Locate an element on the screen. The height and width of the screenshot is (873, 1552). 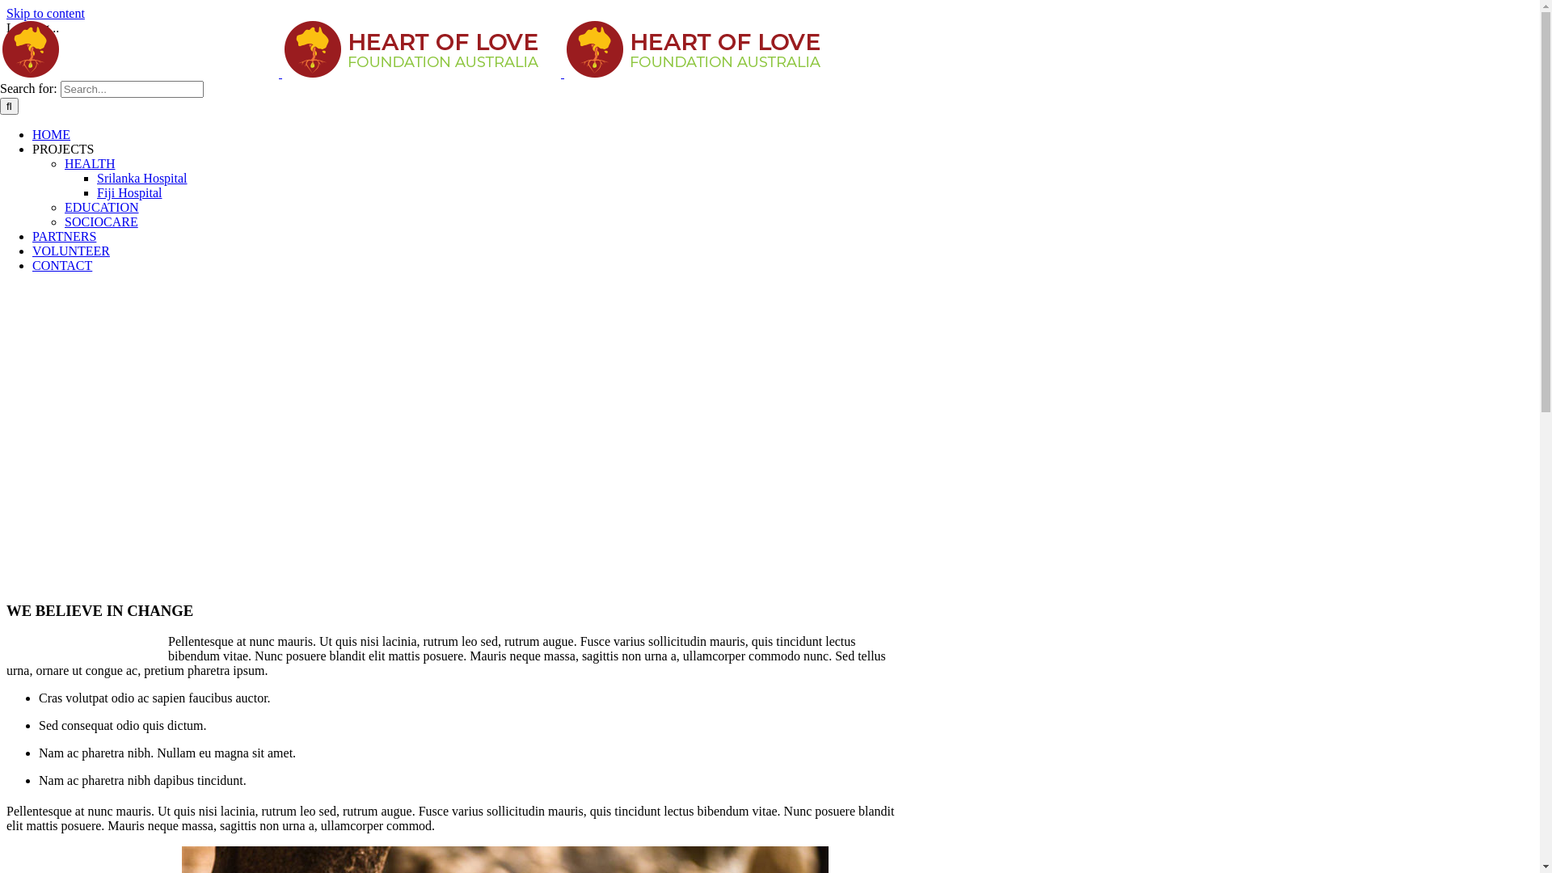
'HOME' is located at coordinates (51, 133).